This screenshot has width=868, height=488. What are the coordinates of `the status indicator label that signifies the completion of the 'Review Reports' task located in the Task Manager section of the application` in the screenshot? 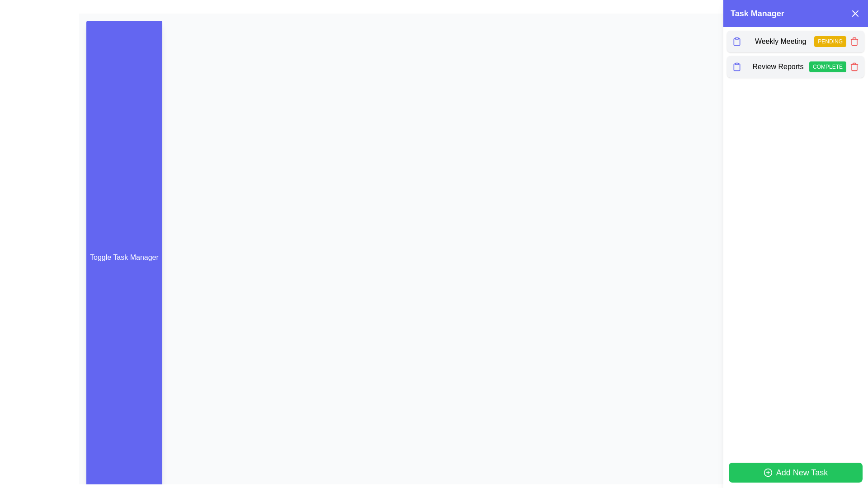 It's located at (827, 66).